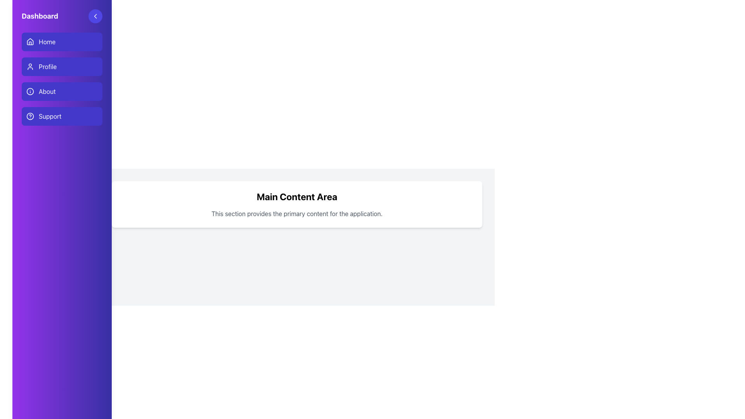 Image resolution: width=745 pixels, height=419 pixels. I want to click on the circular support icon with a question mark in the middle, located on the purple navigation sidebar, so click(30, 116).